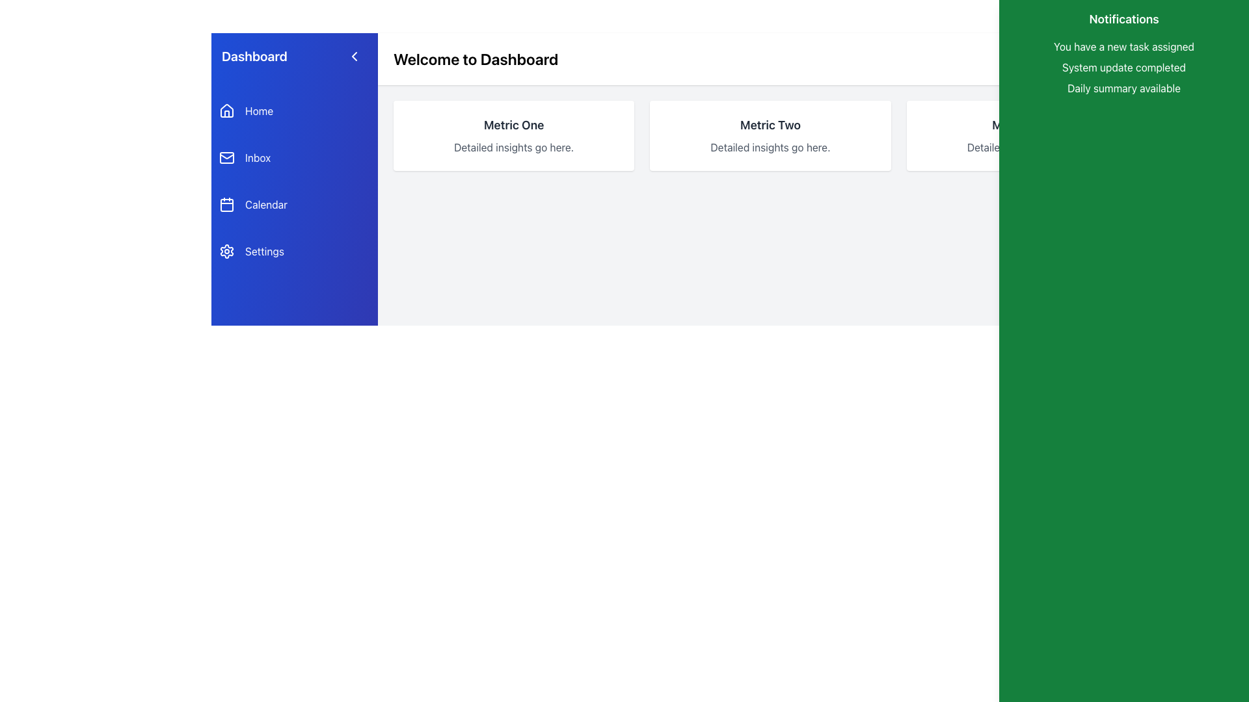 The image size is (1249, 702). What do you see at coordinates (1123, 88) in the screenshot?
I see `the third text label in the green notification panel that displays a message indicating the daily summary is ready` at bounding box center [1123, 88].